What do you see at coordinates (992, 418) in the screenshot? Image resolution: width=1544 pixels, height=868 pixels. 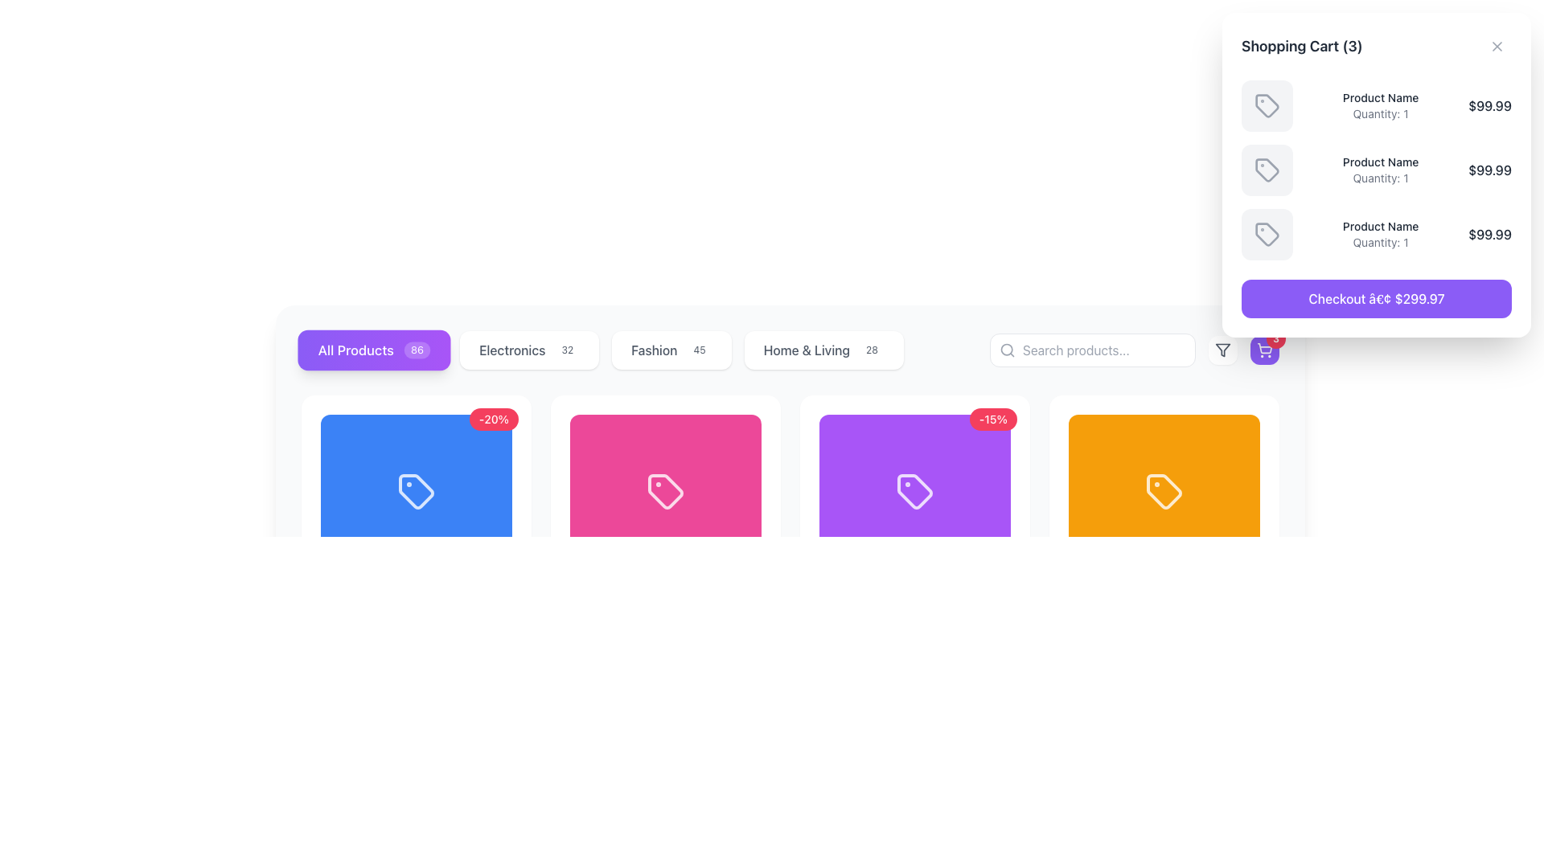 I see `the discount badge indicating a 15% discount on the purple-colored product located in the top-right corner of the product card` at bounding box center [992, 418].